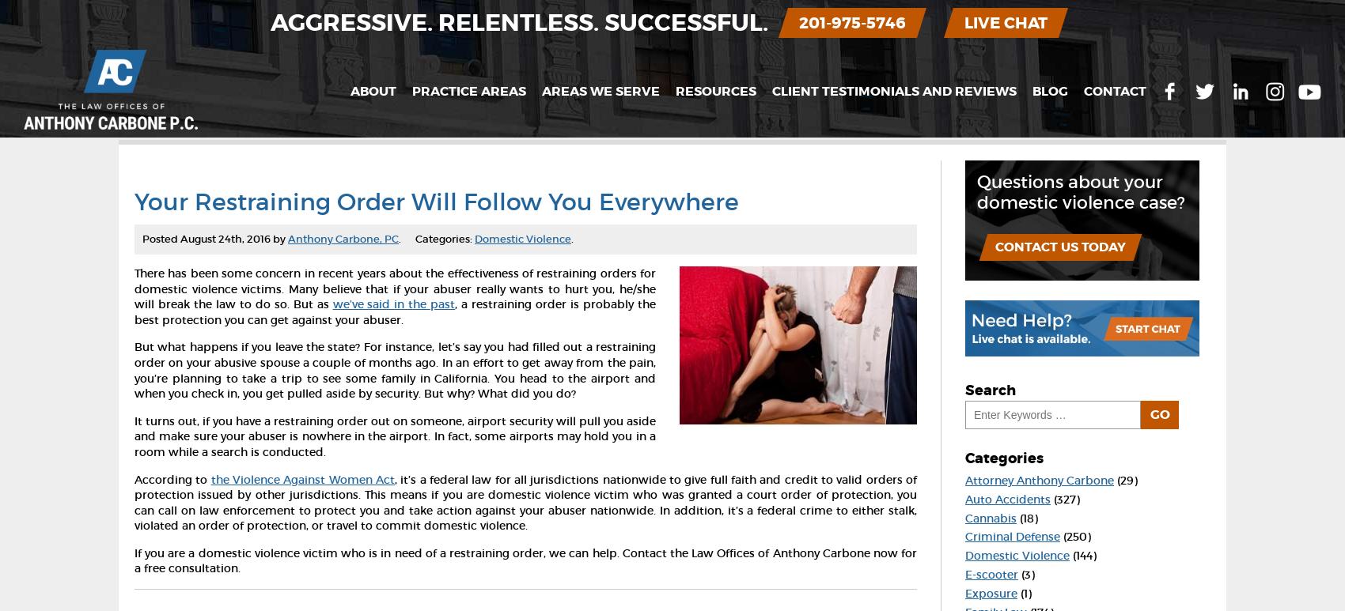 This screenshot has width=1345, height=611. I want to click on 'Anthony Carbone, PC', so click(286, 238).